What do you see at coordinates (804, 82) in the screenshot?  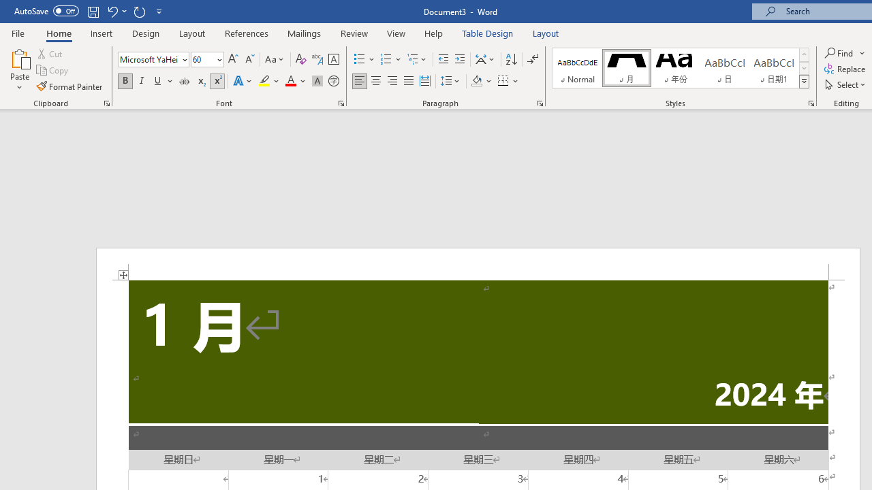 I see `'Styles'` at bounding box center [804, 82].